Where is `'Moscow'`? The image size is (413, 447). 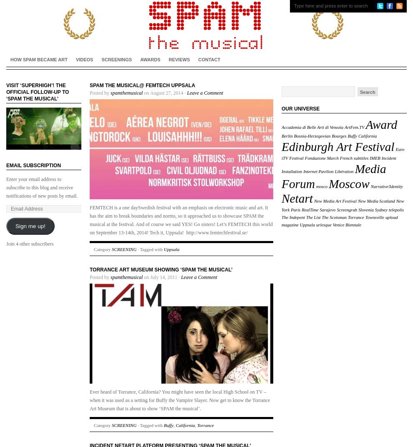 'Moscow' is located at coordinates (348, 183).